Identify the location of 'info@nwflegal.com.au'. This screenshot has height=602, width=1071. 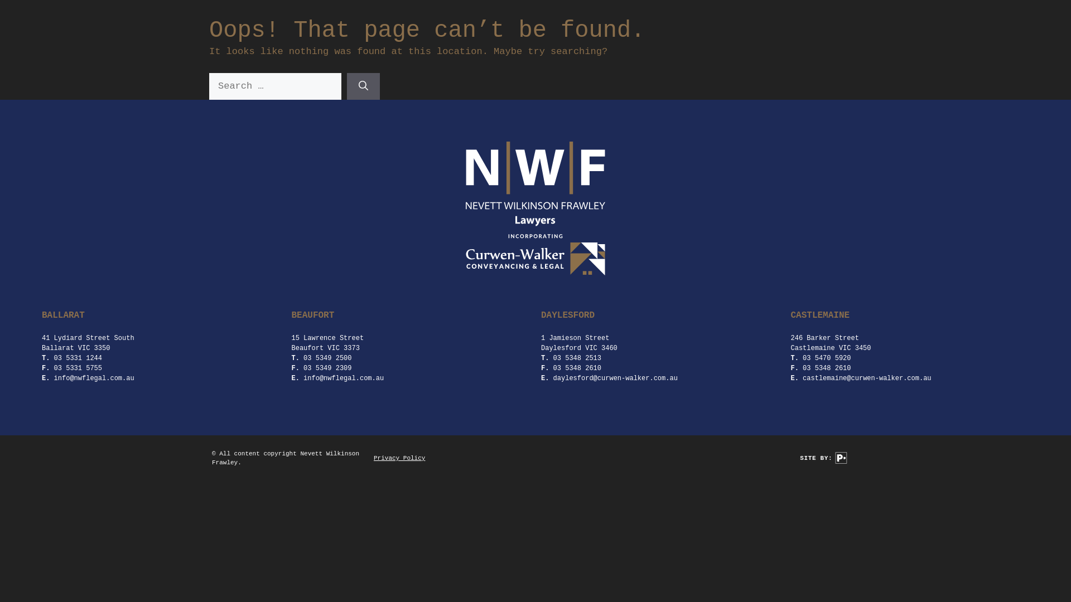
(342, 377).